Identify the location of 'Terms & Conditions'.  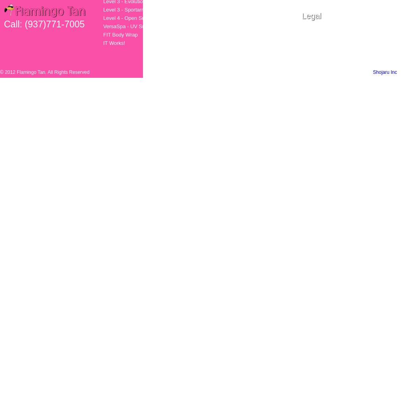
(324, 29).